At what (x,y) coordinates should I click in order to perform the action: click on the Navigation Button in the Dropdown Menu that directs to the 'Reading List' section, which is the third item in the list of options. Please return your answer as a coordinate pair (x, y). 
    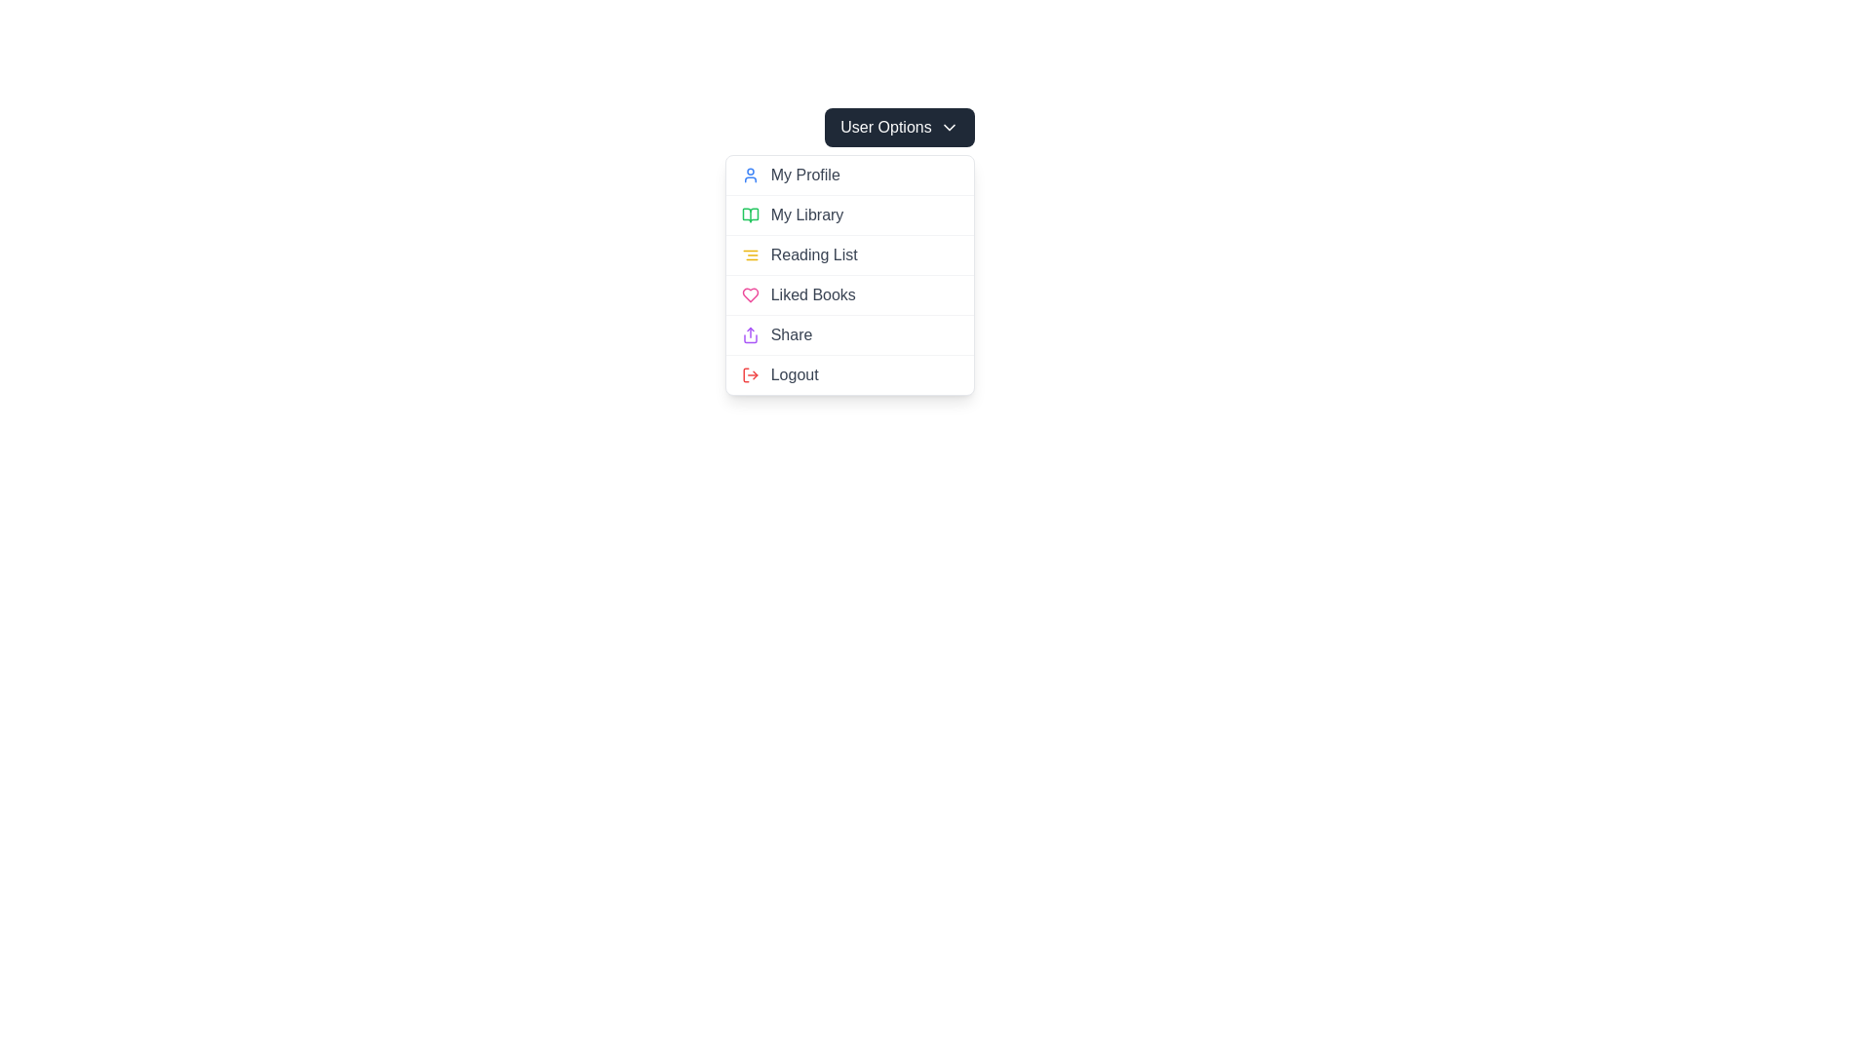
    Looking at the image, I should click on (849, 275).